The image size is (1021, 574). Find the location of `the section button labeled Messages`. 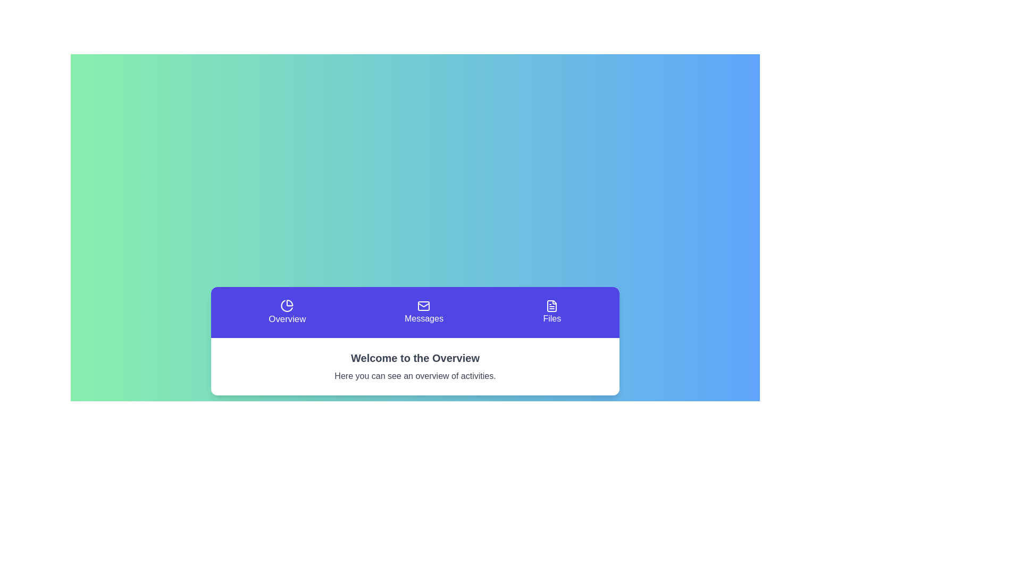

the section button labeled Messages is located at coordinates (423, 311).